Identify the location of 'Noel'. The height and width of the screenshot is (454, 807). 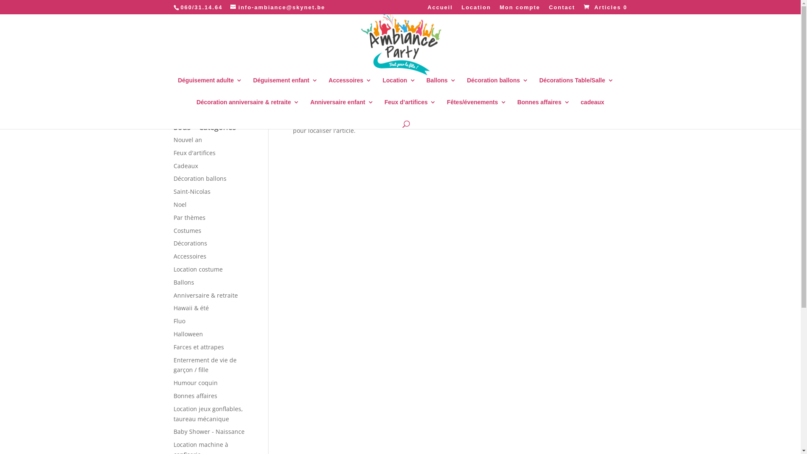
(179, 204).